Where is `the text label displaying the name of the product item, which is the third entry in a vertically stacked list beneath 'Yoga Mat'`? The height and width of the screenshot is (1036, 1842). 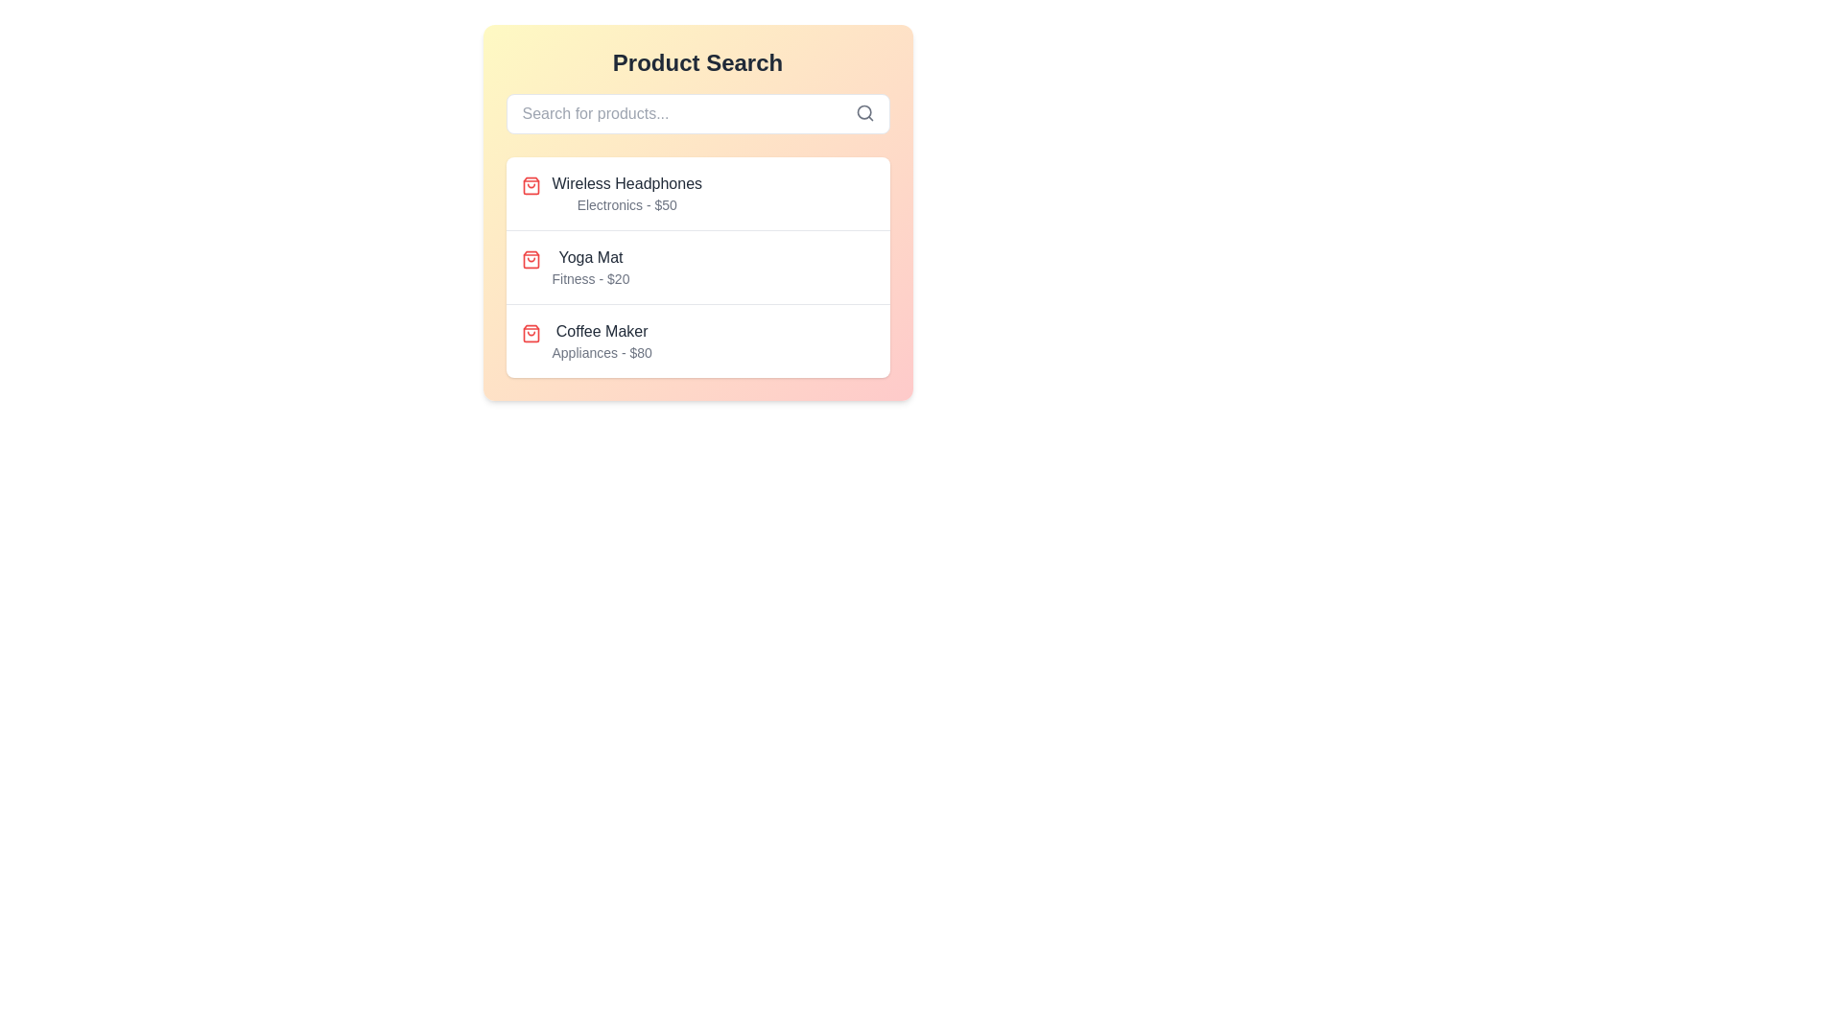 the text label displaying the name of the product item, which is the third entry in a vertically stacked list beneath 'Yoga Mat' is located at coordinates (601, 331).